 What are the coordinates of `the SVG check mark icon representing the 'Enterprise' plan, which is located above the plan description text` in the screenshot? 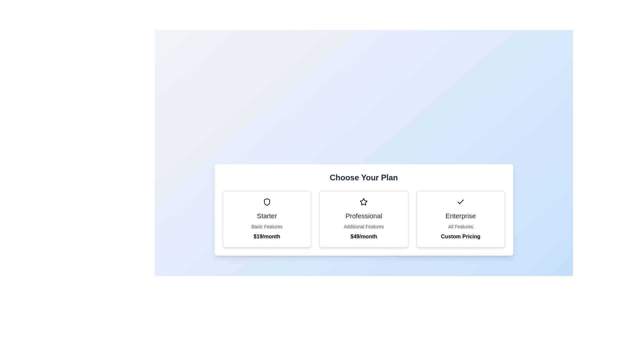 It's located at (460, 201).